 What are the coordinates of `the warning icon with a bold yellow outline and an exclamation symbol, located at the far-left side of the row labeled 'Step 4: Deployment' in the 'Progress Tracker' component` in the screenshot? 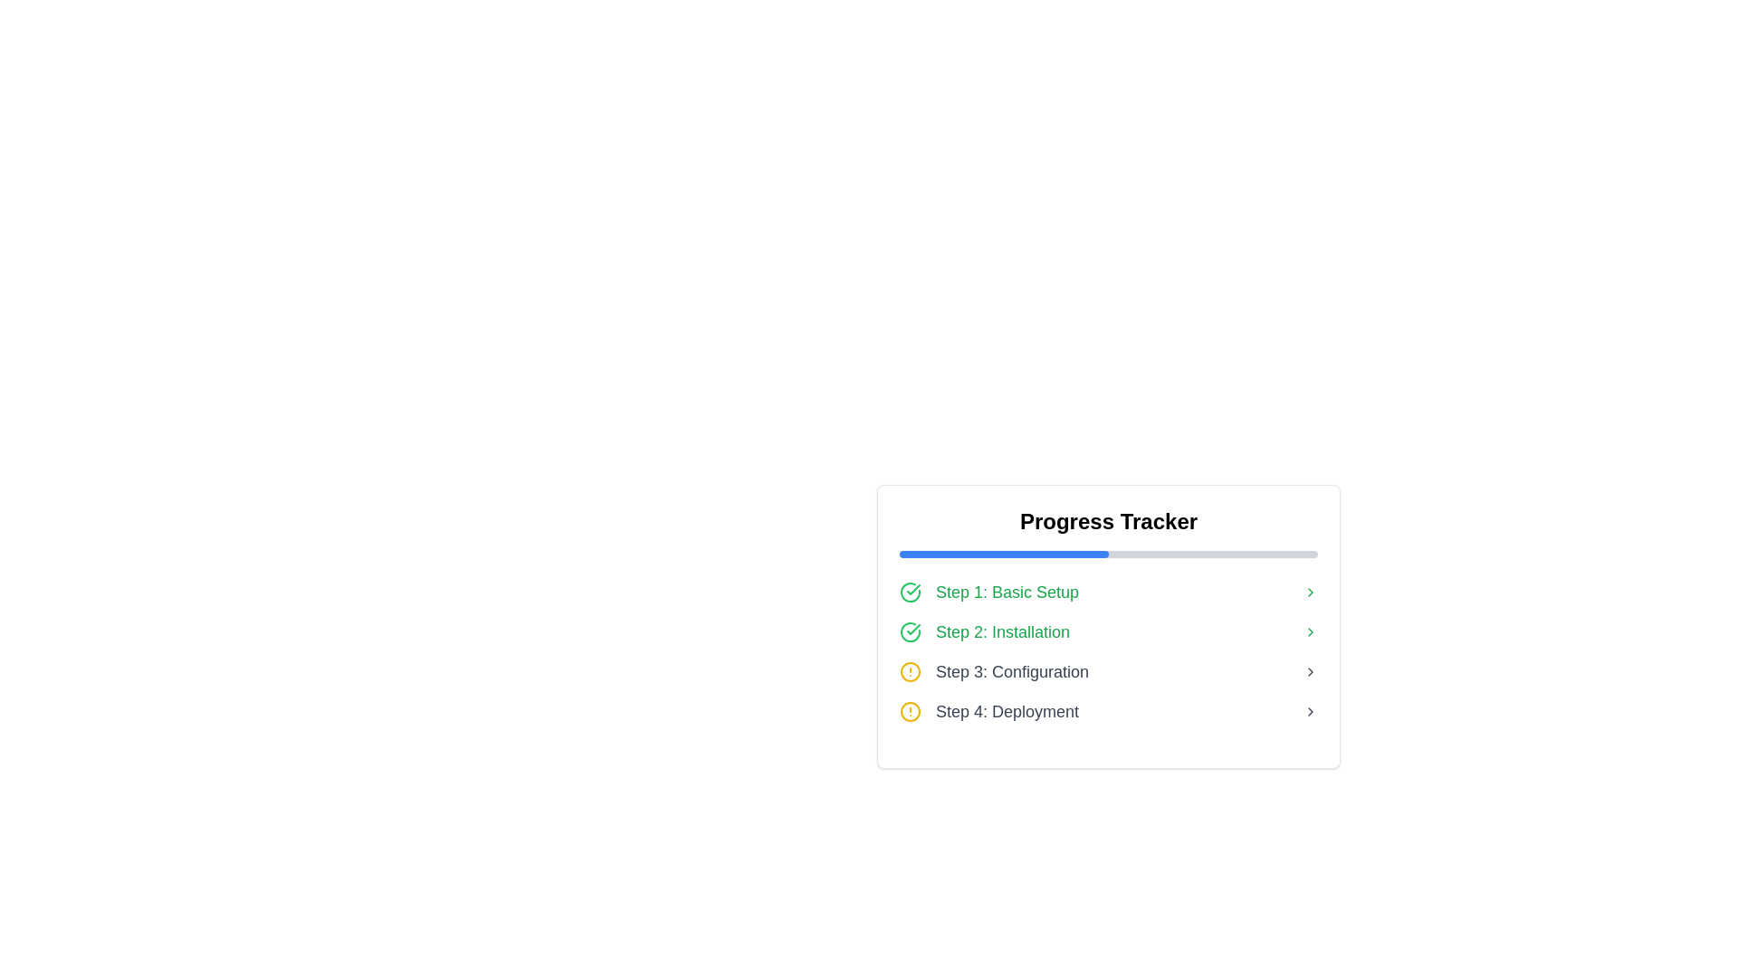 It's located at (911, 710).